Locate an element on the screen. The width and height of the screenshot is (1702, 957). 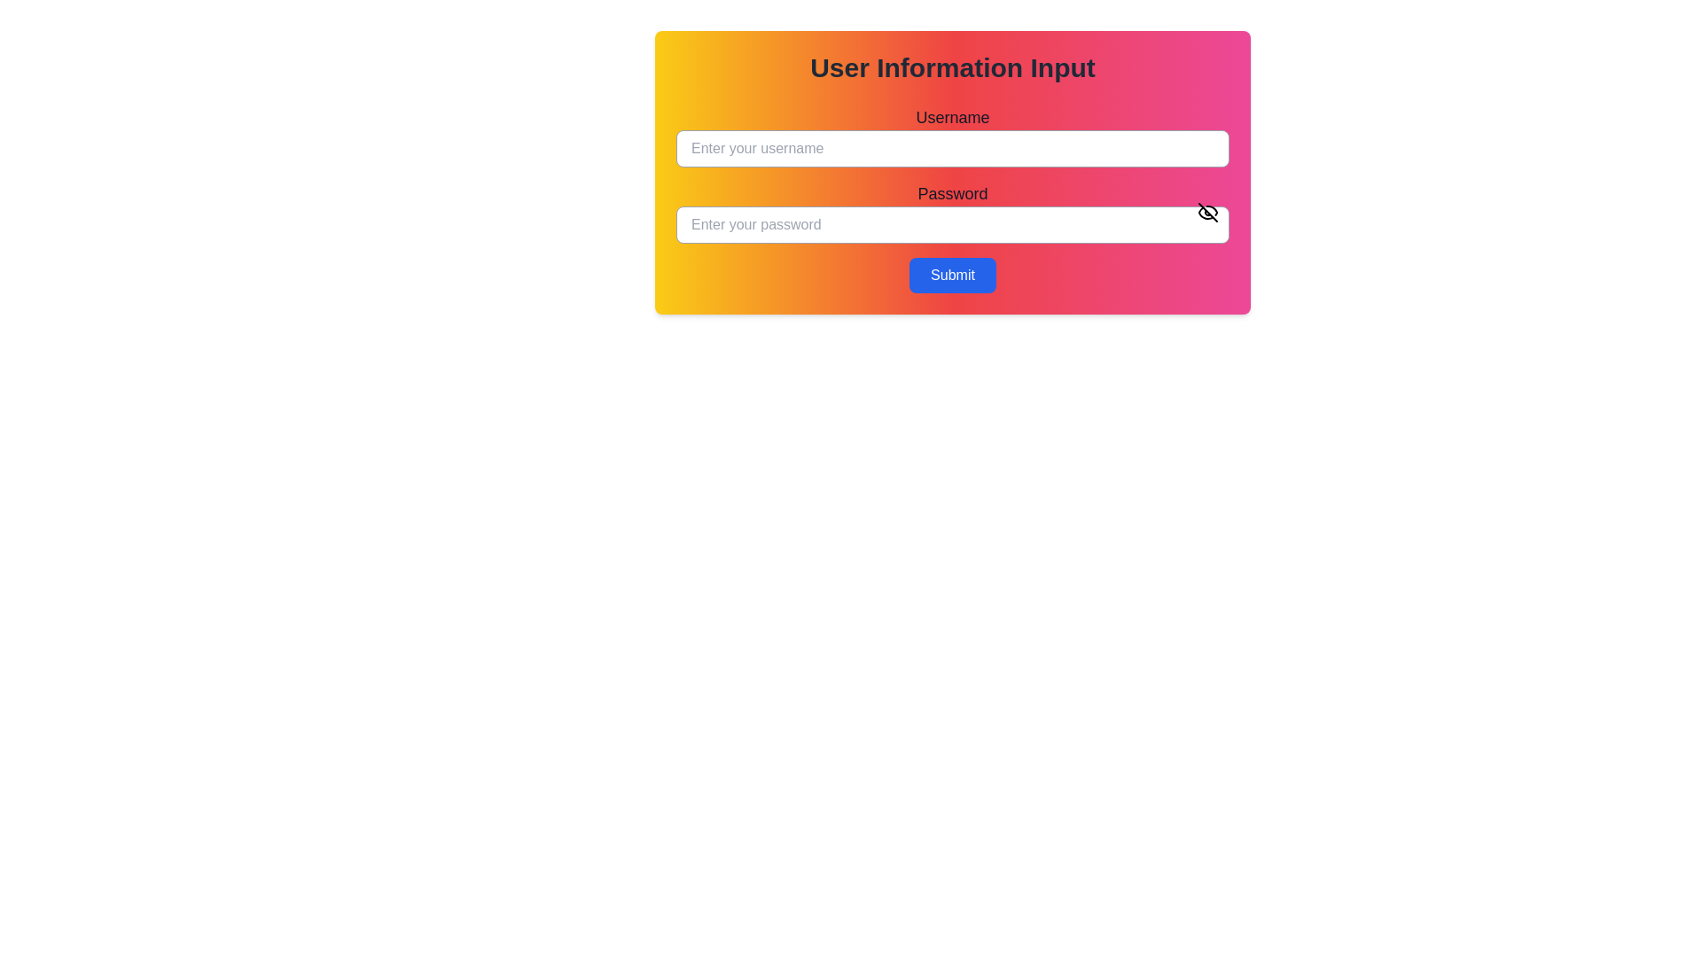
the Icon button located to the right of the 'Password' input field is located at coordinates (1207, 211).